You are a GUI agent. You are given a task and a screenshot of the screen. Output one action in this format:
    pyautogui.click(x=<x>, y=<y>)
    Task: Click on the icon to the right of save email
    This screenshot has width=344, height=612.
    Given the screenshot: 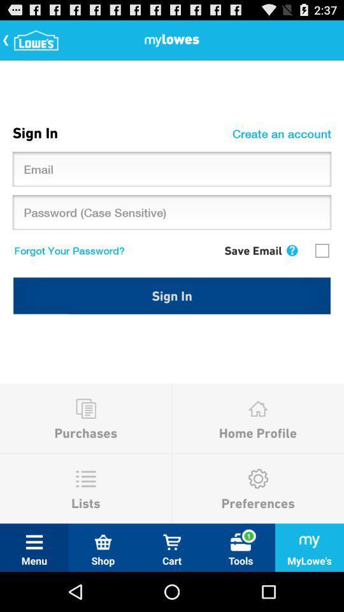 What is the action you would take?
    pyautogui.click(x=292, y=250)
    